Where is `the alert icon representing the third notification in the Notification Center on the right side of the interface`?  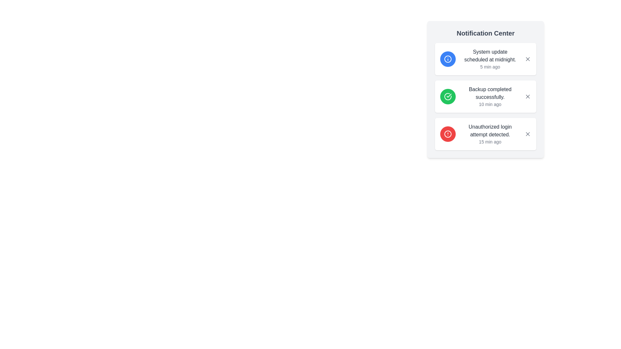
the alert icon representing the third notification in the Notification Center on the right side of the interface is located at coordinates (448, 134).